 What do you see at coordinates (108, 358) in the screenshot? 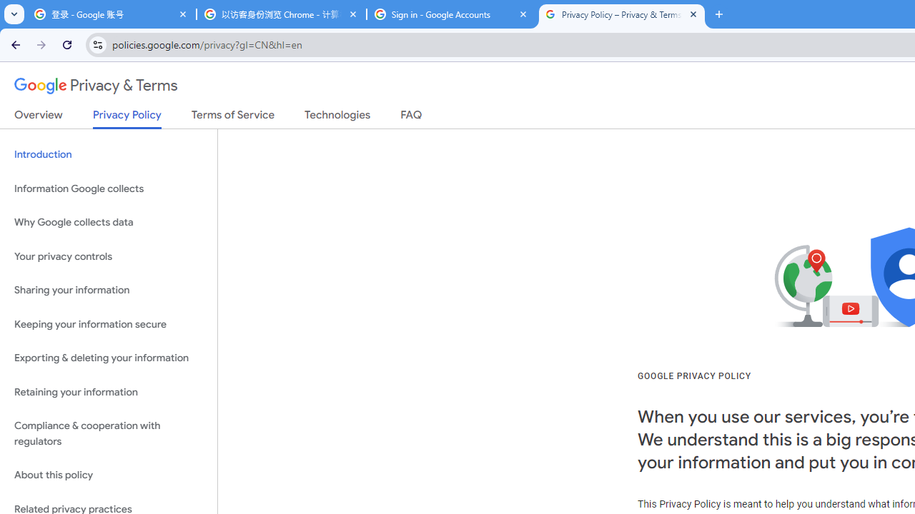
I see `'Exporting & deleting your information'` at bounding box center [108, 358].